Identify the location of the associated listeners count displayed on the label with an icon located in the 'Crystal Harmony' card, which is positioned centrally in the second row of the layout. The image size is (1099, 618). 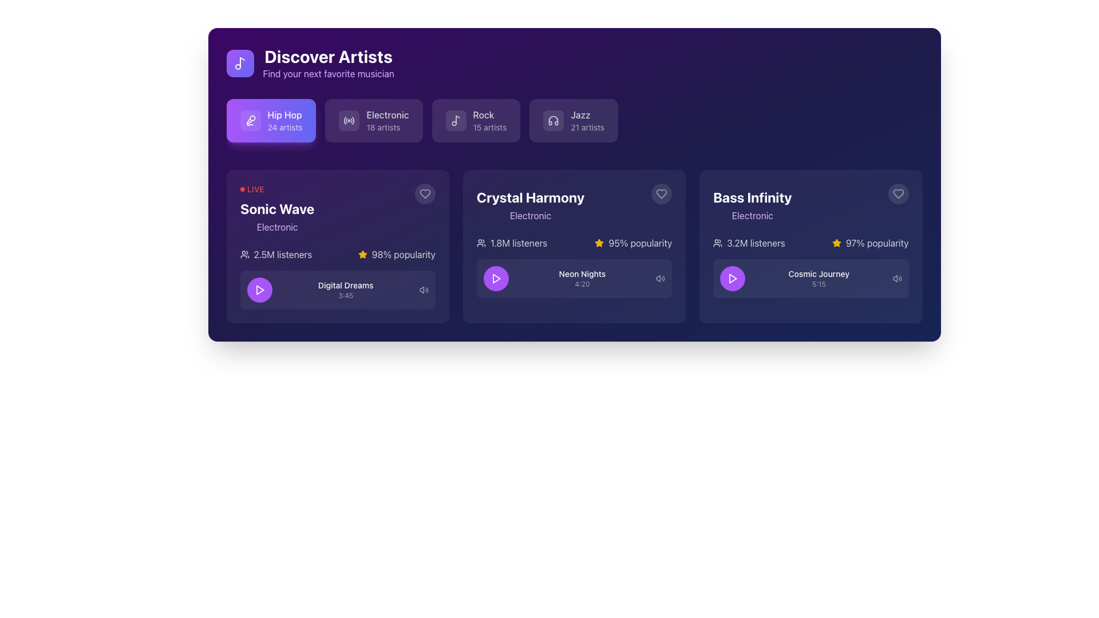
(511, 242).